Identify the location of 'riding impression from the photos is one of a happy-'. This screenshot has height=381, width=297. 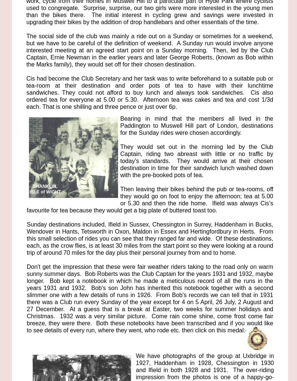
(205, 373).